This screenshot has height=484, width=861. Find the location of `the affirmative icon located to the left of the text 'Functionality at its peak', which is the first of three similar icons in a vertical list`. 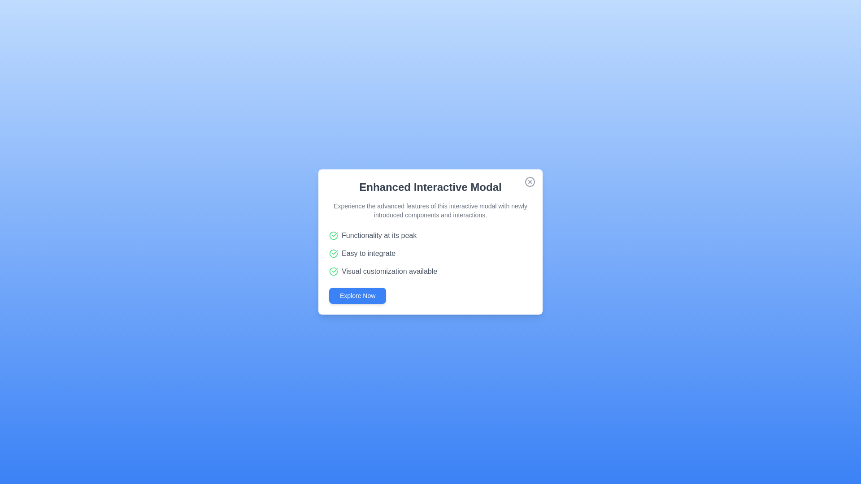

the affirmative icon located to the left of the text 'Functionality at its peak', which is the first of three similar icons in a vertical list is located at coordinates (333, 235).